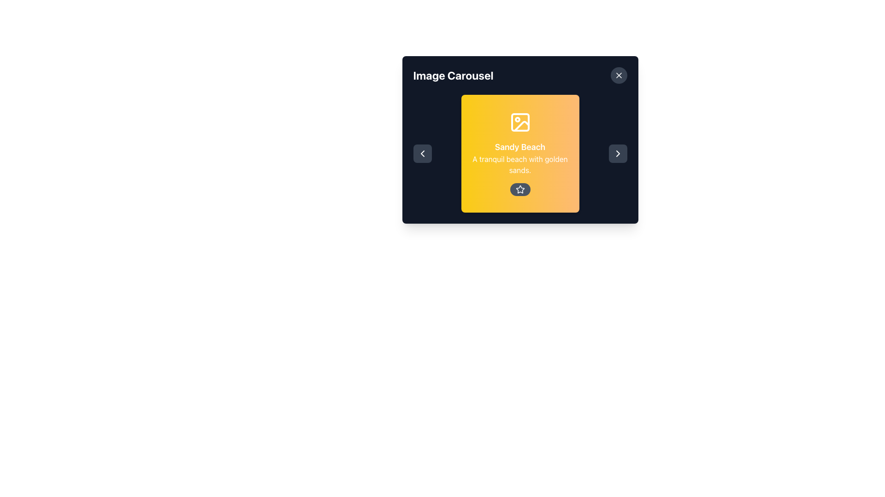 The height and width of the screenshot is (497, 885). I want to click on the leftward-pointing chevron icon within the left-side navigation button of the image carousel, so click(422, 153).